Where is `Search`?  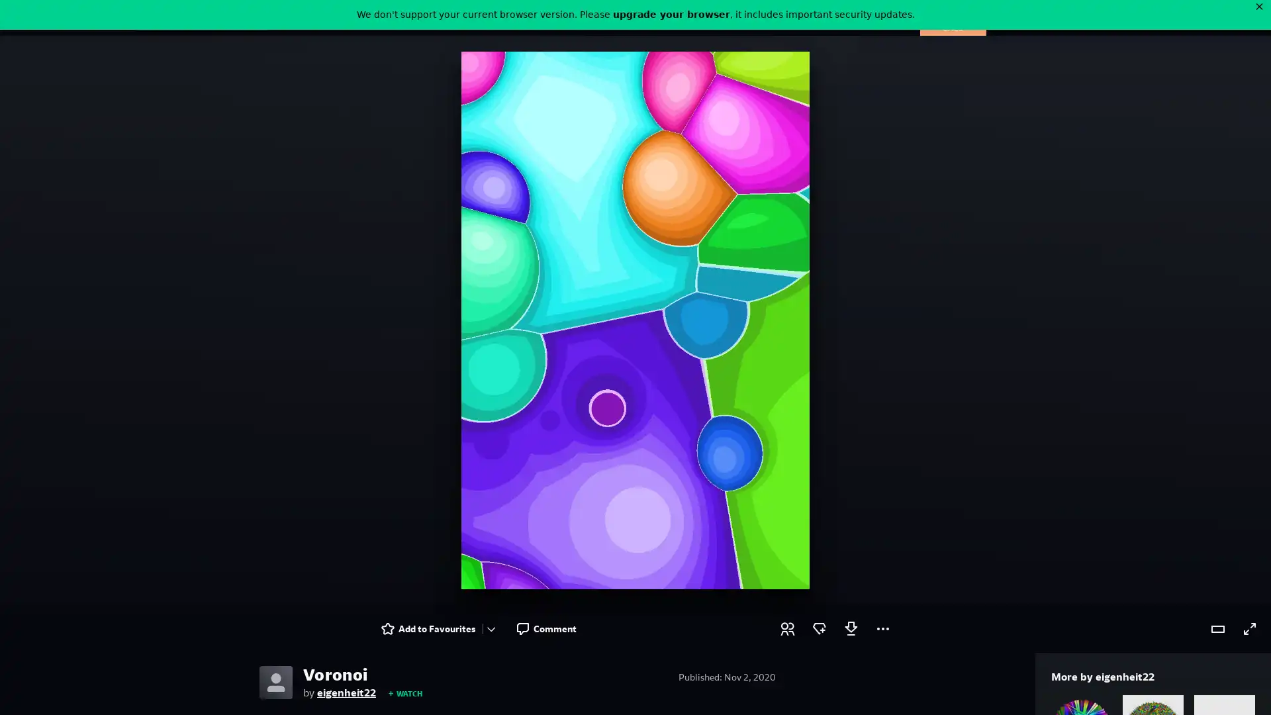
Search is located at coordinates (254, 18).